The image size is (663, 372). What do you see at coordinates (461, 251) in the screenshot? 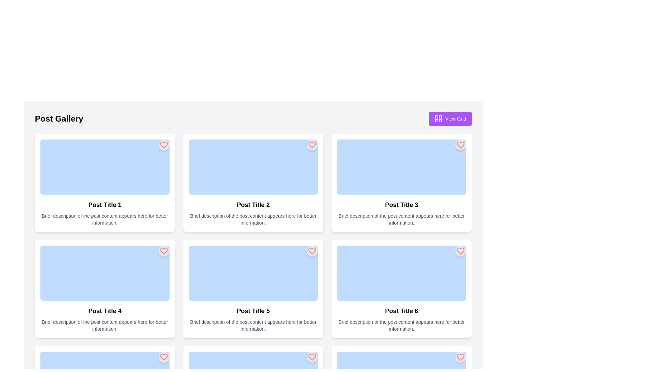
I see `the heart icon located at the top-right corner of the card labeled 'Post Title 6' to mark the post as favorite or liked` at bounding box center [461, 251].